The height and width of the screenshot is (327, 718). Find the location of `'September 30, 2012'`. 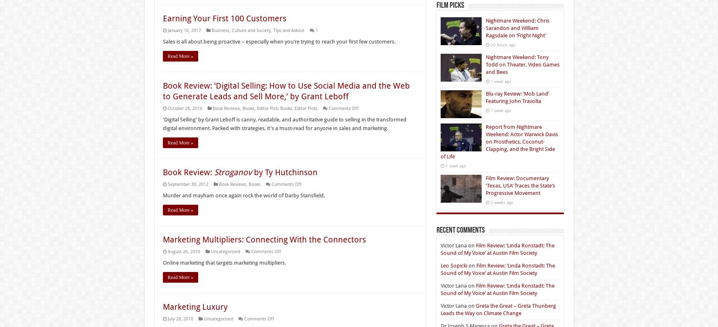

'September 30, 2012' is located at coordinates (188, 184).